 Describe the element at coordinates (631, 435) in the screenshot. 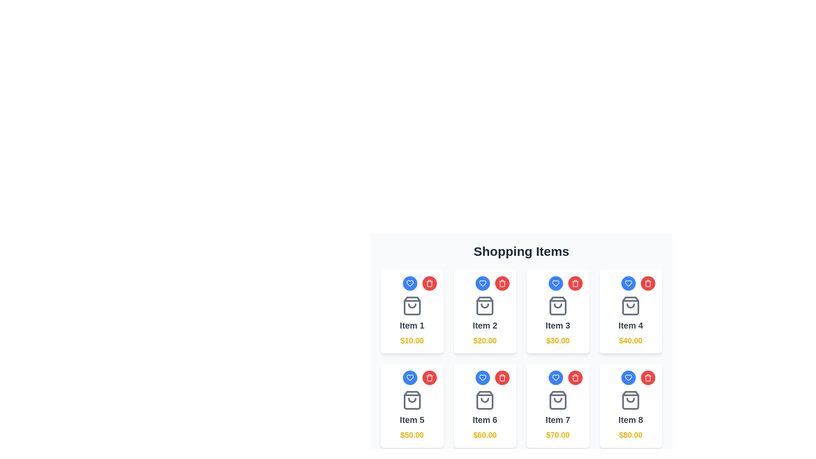

I see `price information displayed for 'Item 8', which is located directly below the item title in the shopping interface` at that location.